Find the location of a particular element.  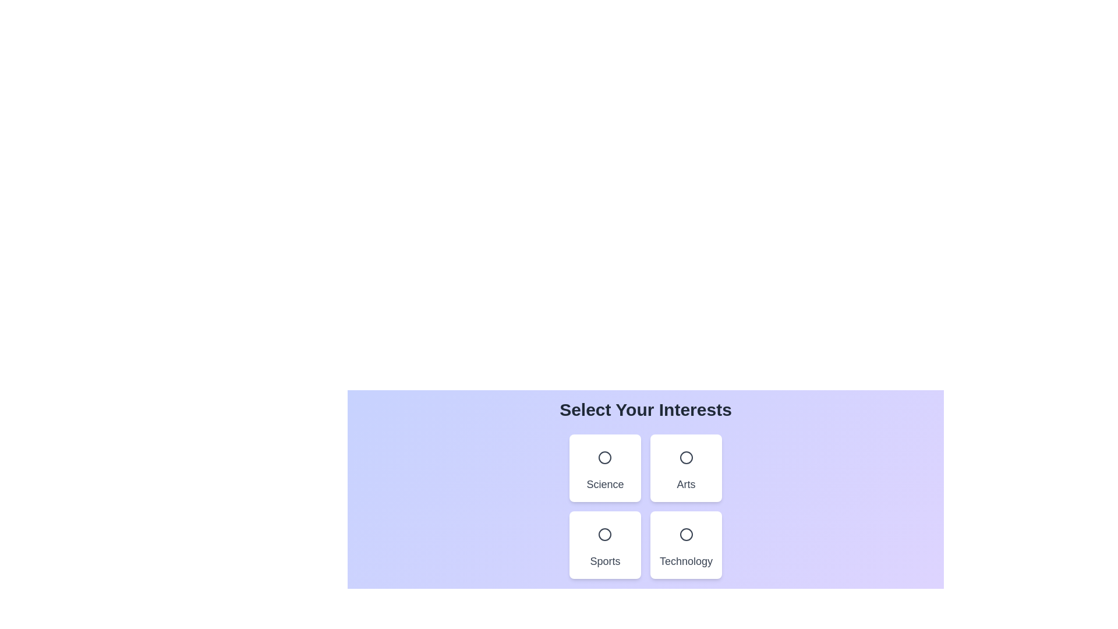

the category card for Science is located at coordinates (604, 467).